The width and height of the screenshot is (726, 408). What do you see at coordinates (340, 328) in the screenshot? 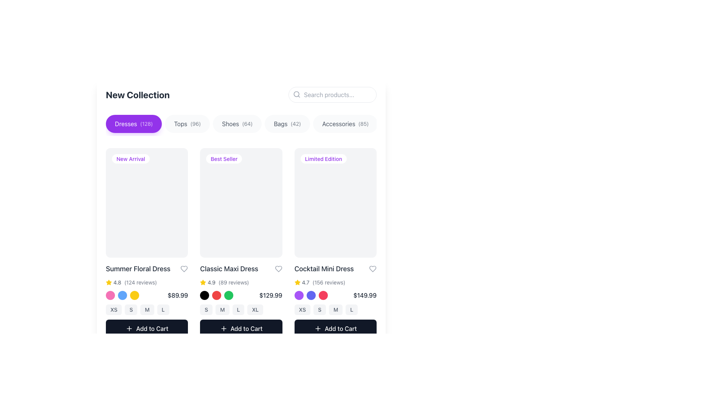
I see `the button labeled 'Cocktail Mini Dress' located at the bottom-right corner of the product card` at bounding box center [340, 328].